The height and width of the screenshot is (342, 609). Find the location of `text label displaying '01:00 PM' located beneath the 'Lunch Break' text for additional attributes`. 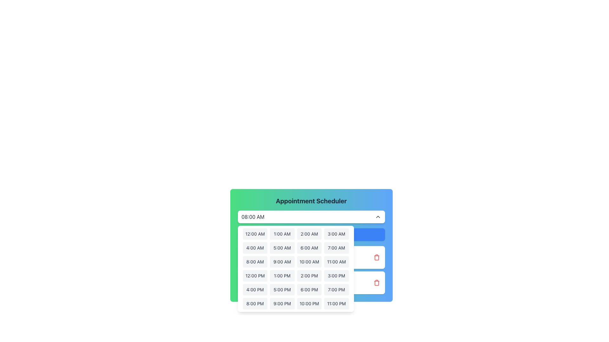

text label displaying '01:00 PM' located beneath the 'Lunch Break' text for additional attributes is located at coordinates (257, 287).